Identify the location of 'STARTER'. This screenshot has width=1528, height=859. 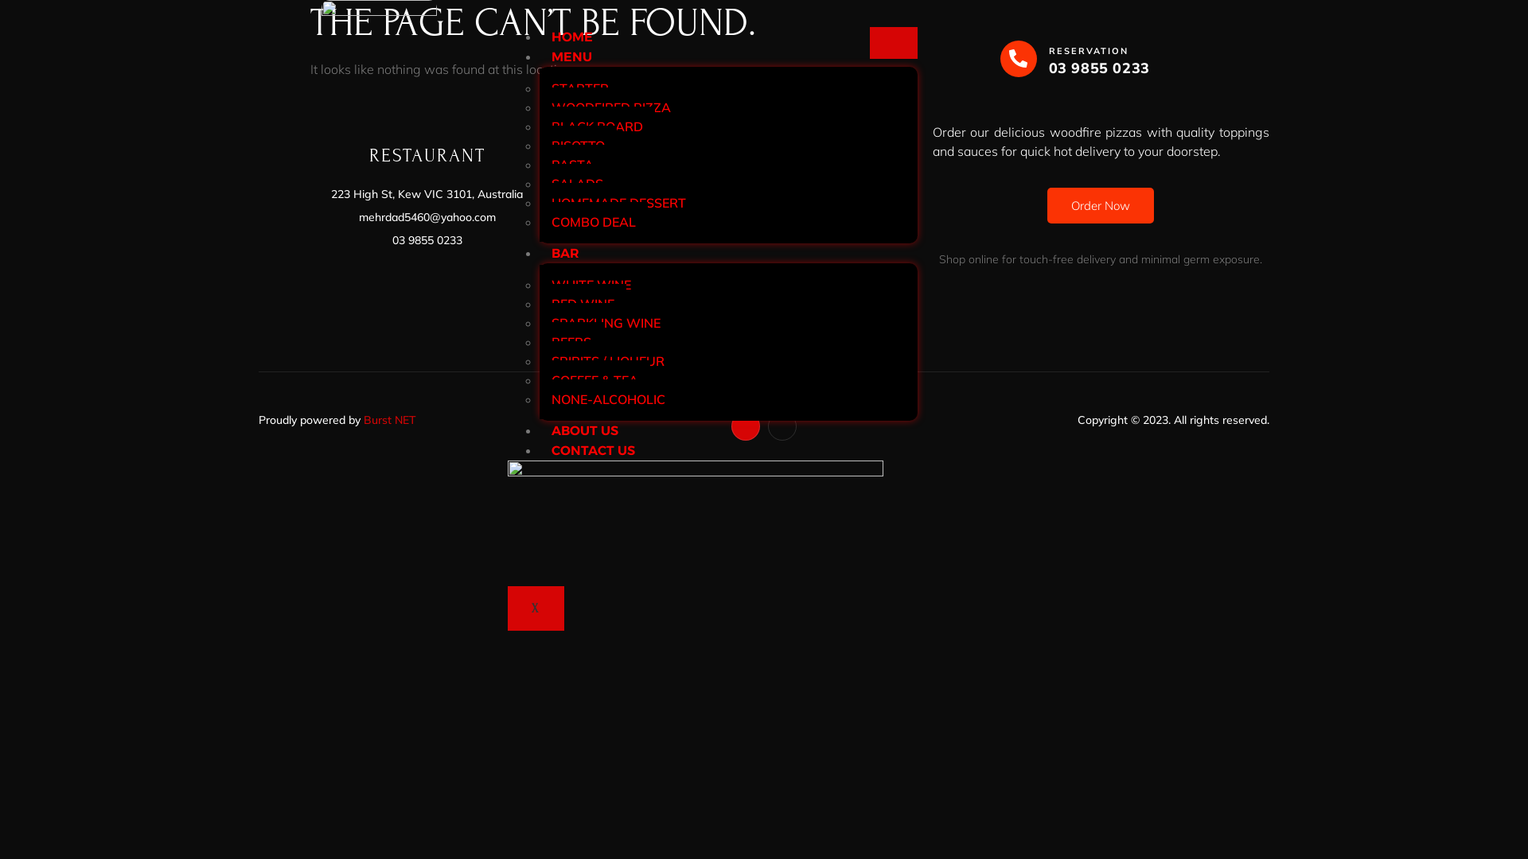
(539, 88).